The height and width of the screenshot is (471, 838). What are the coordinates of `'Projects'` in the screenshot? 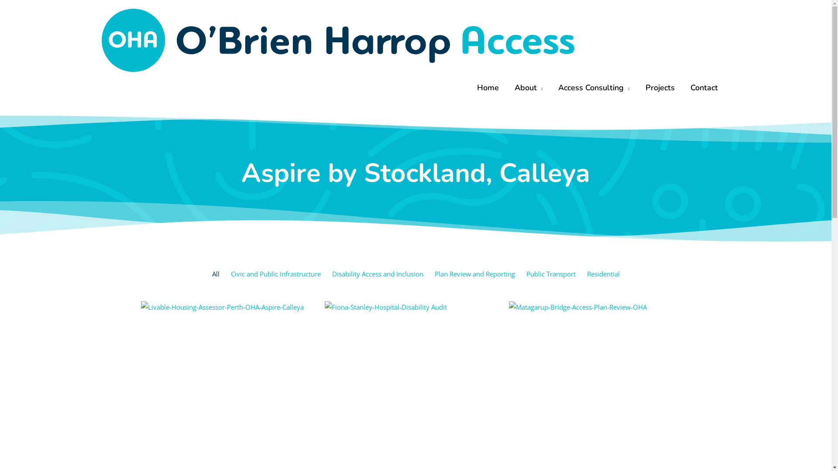 It's located at (659, 87).